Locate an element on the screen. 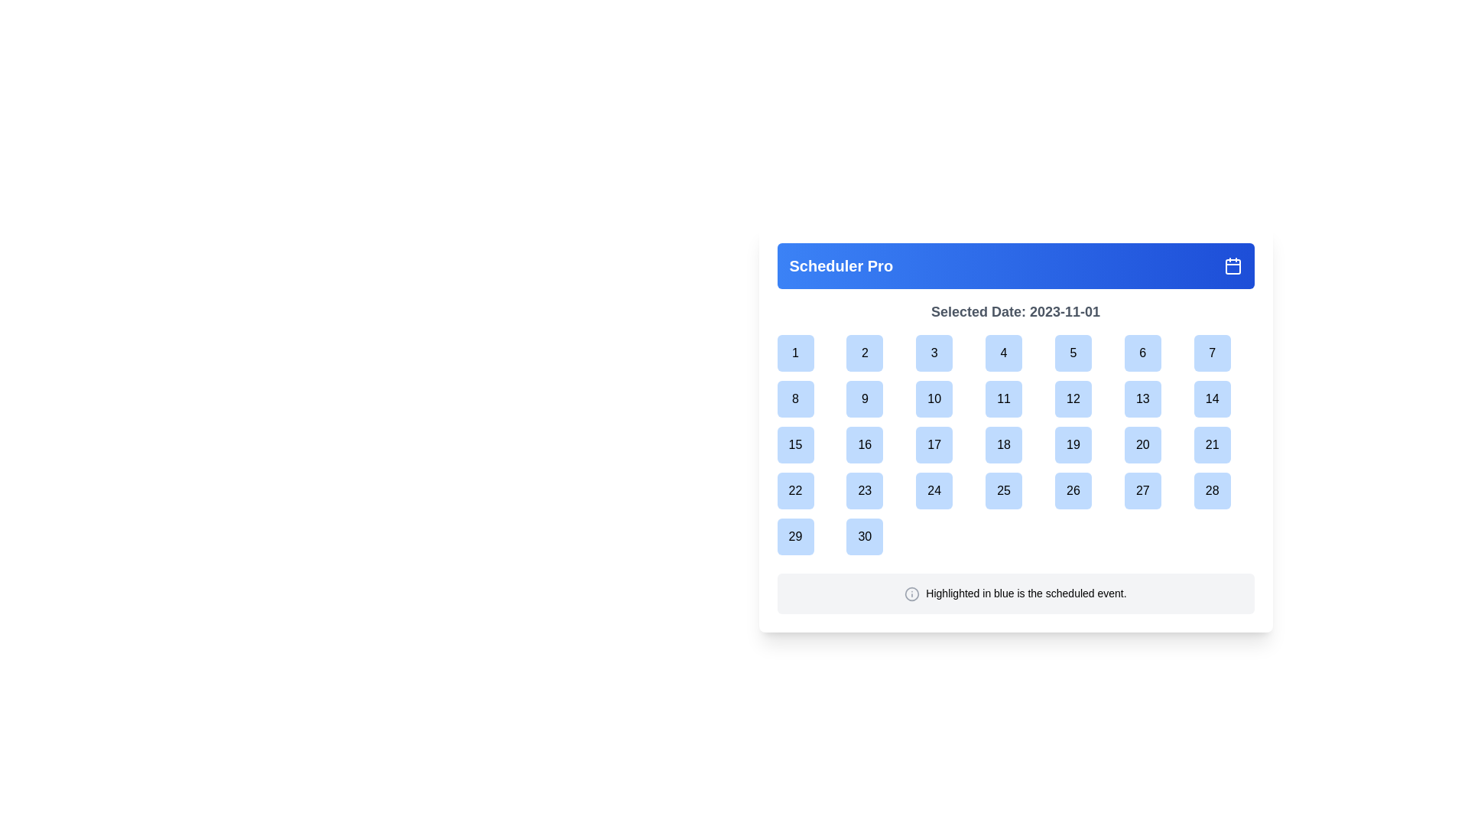 The height and width of the screenshot is (826, 1468). the button representing the seventh day in the calendar grid, located in the first row and seventh column, which shows the tooltip 'No Event' when hovered is located at coordinates (1211, 353).